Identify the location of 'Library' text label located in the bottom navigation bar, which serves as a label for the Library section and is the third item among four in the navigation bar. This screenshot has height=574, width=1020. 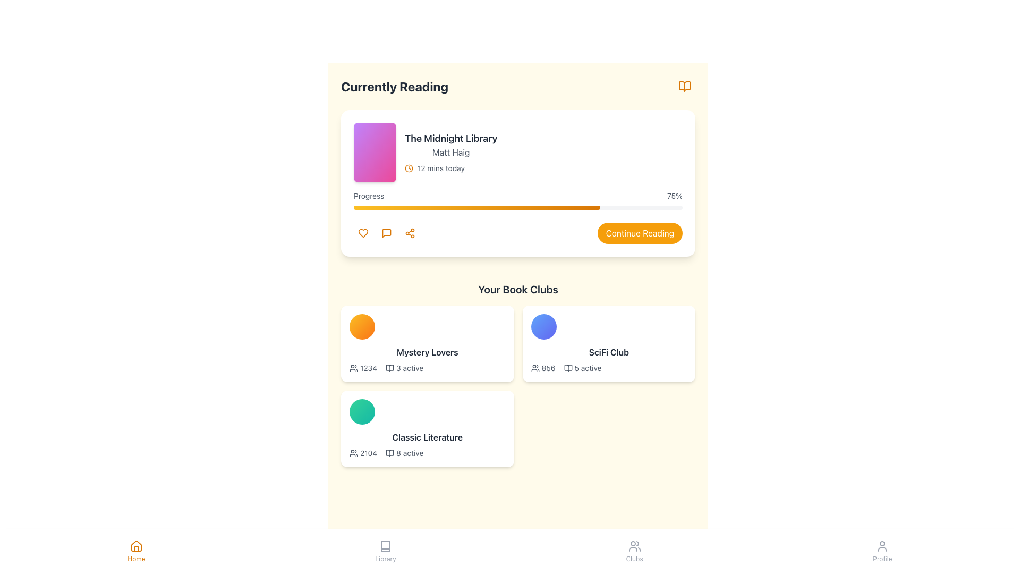
(385, 559).